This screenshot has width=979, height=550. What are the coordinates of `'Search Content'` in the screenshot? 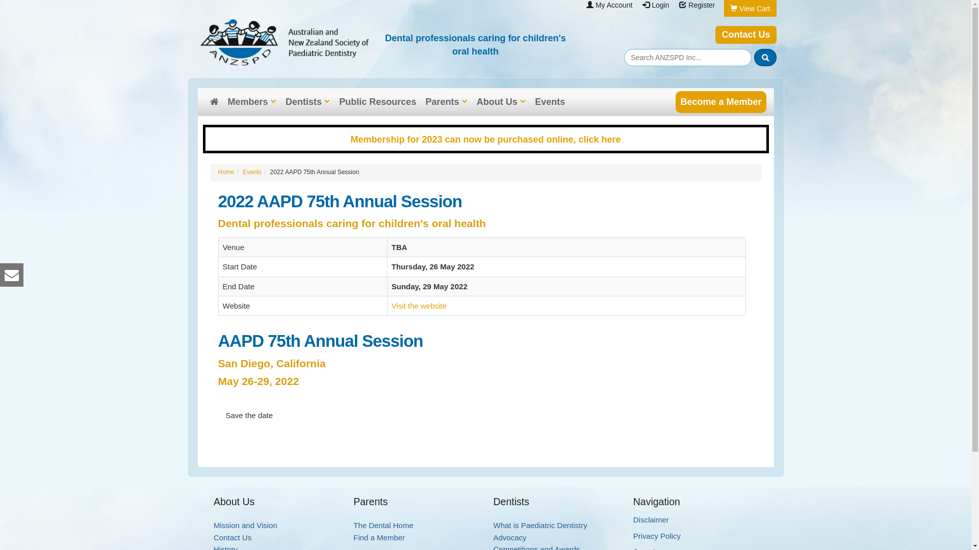 It's located at (687, 57).